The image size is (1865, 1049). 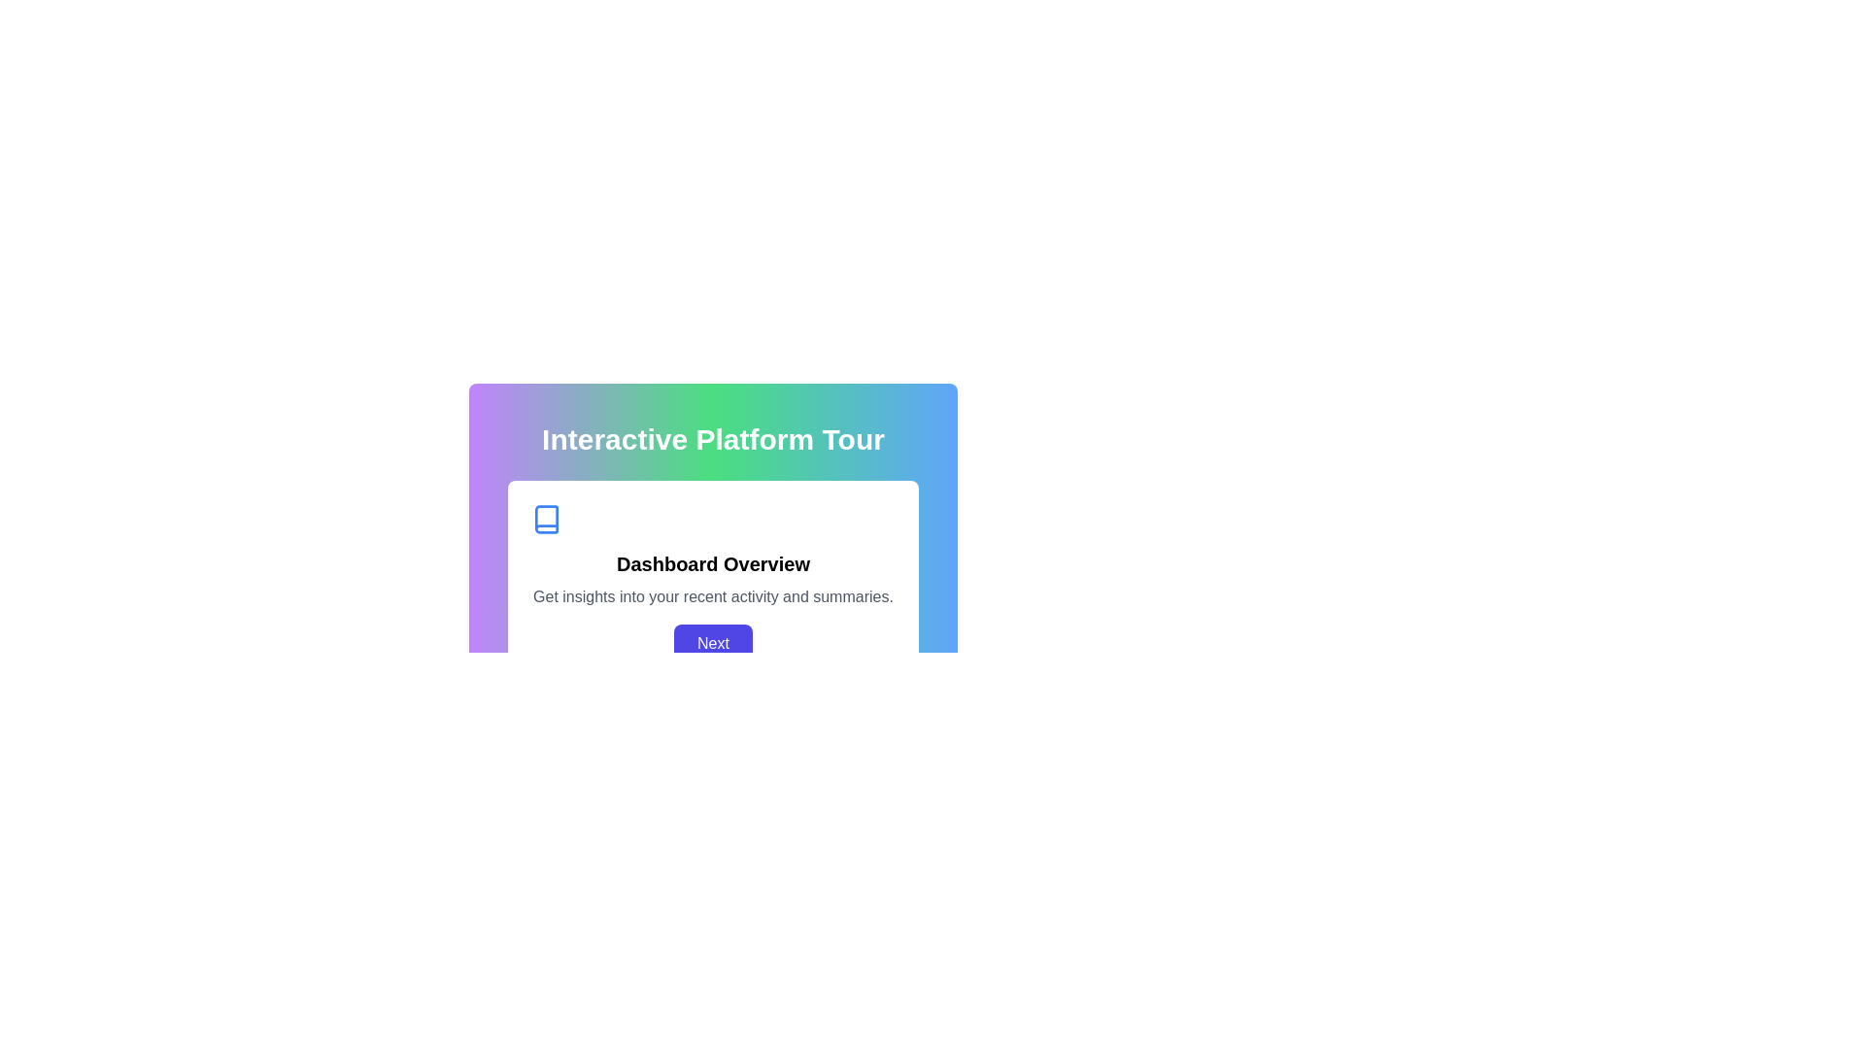 What do you see at coordinates (712, 595) in the screenshot?
I see `the Text Label that provides additional context for the 'Dashboard Overview' title, located below it and above the 'Next' button` at bounding box center [712, 595].